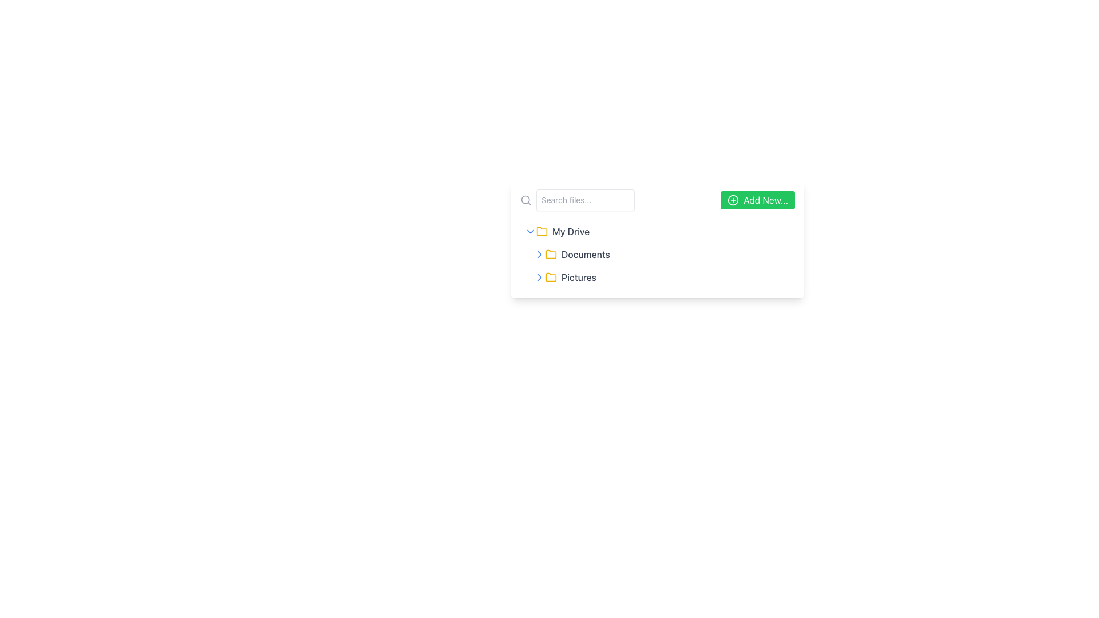  What do you see at coordinates (539, 278) in the screenshot?
I see `the blue right-pointing chevron icon in the Pictures folder row to observe potential effects` at bounding box center [539, 278].